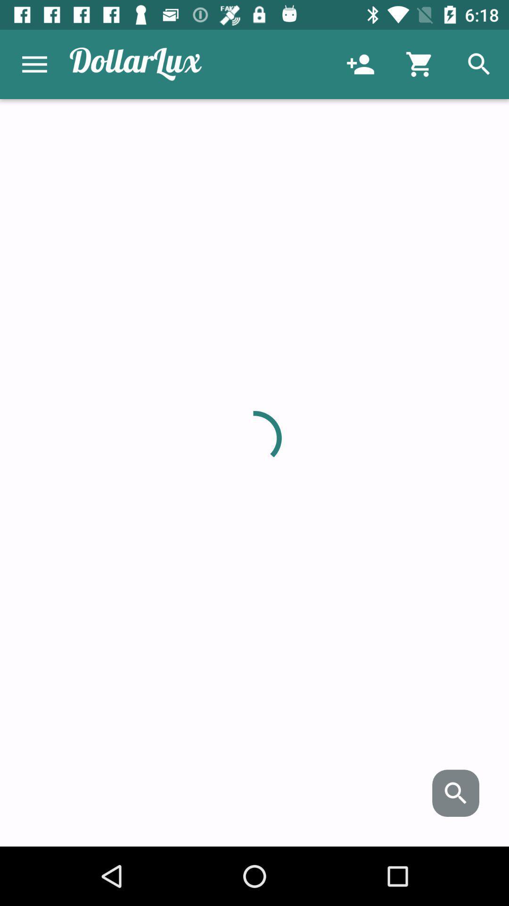 The width and height of the screenshot is (509, 906). What do you see at coordinates (455, 793) in the screenshot?
I see `the search icon` at bounding box center [455, 793].